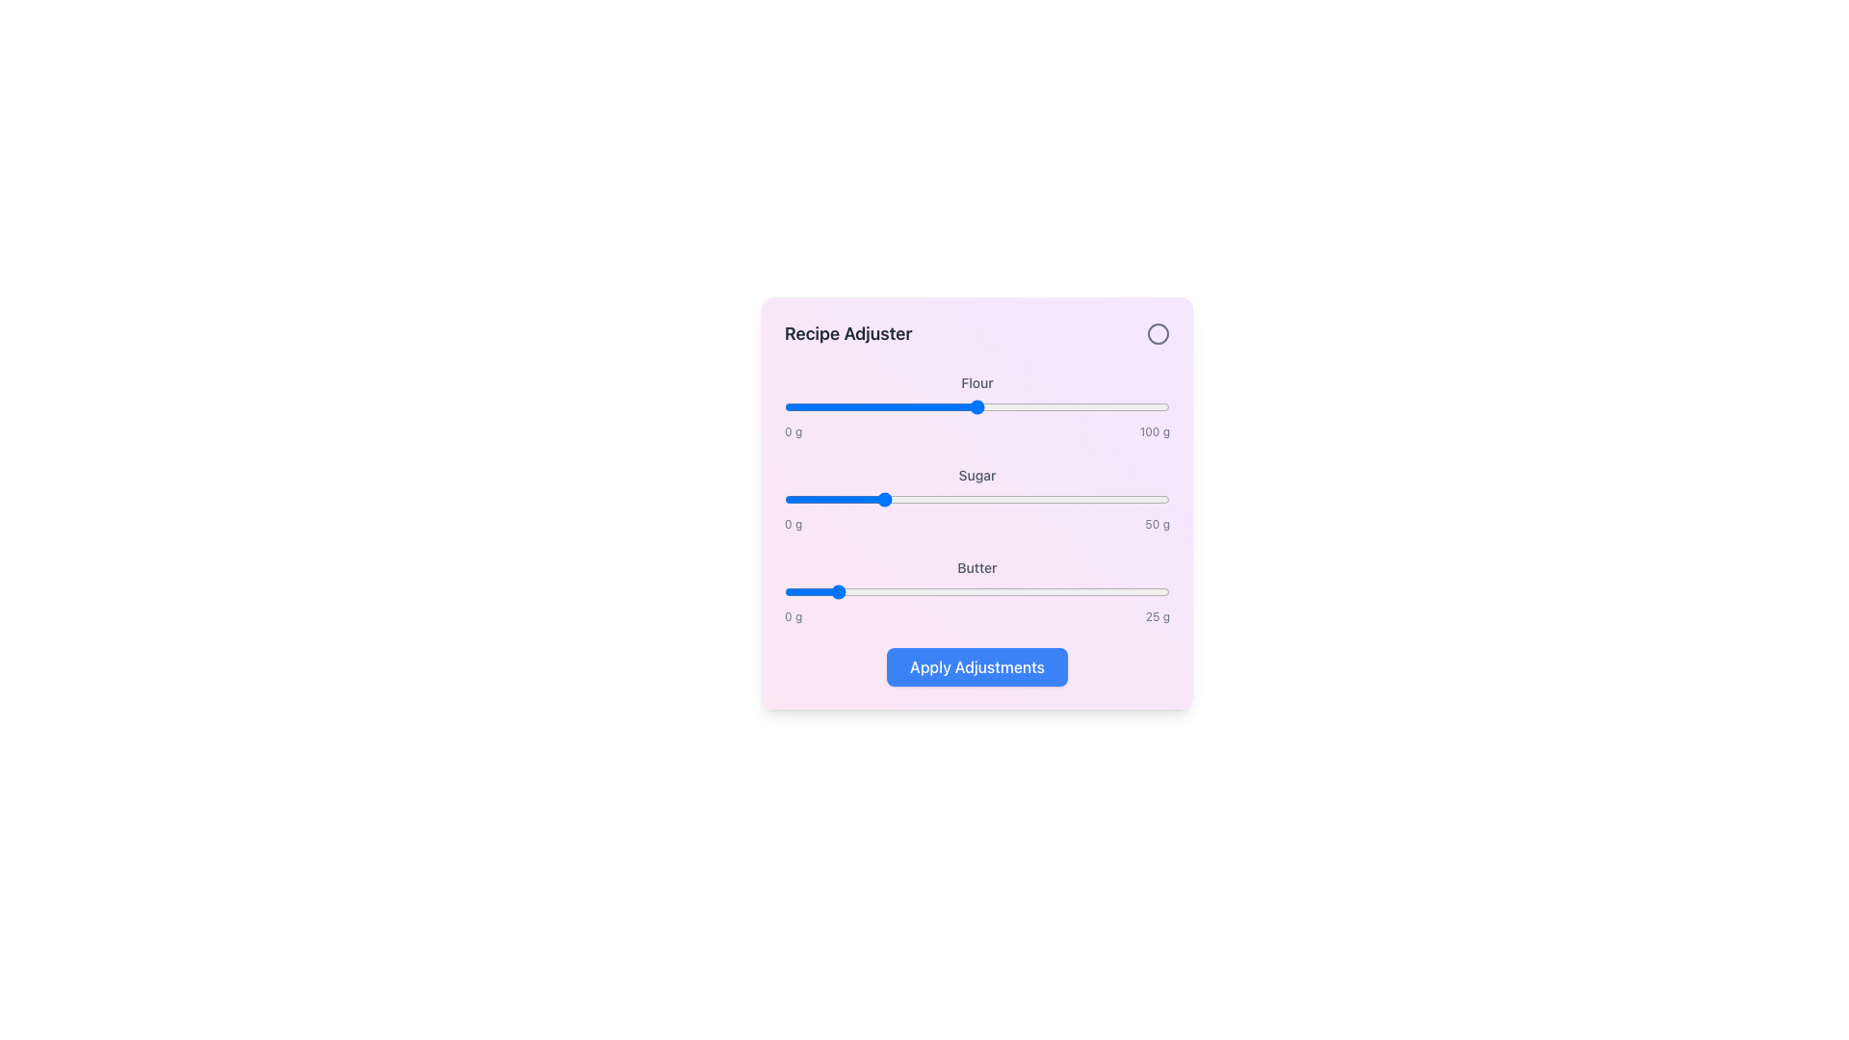 The image size is (1849, 1040). I want to click on text displayed in the label showing '0 g' positioned to the left of the slider in the 'Recipe Adjuster' interface, so click(794, 616).